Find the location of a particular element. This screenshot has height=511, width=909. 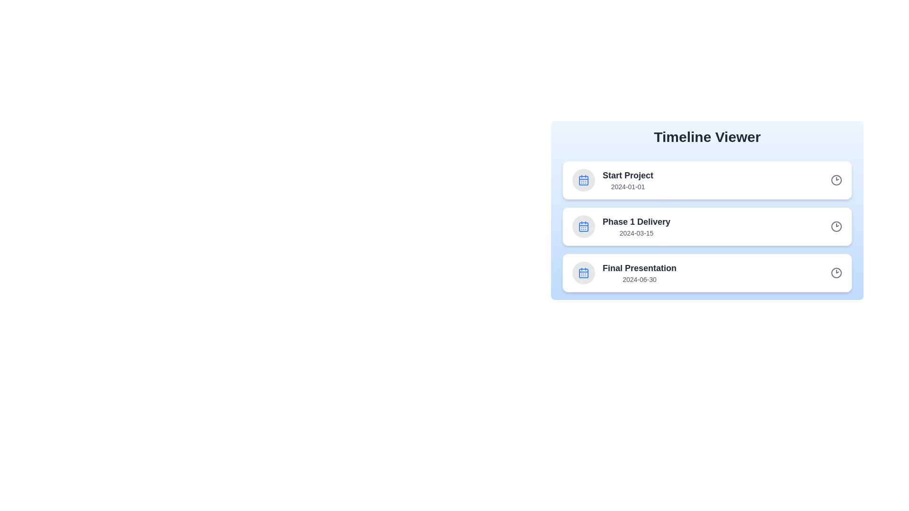

the text label displaying the date '2024-01-01', which is positioned below the title 'Start Project' in the interface is located at coordinates (628, 186).